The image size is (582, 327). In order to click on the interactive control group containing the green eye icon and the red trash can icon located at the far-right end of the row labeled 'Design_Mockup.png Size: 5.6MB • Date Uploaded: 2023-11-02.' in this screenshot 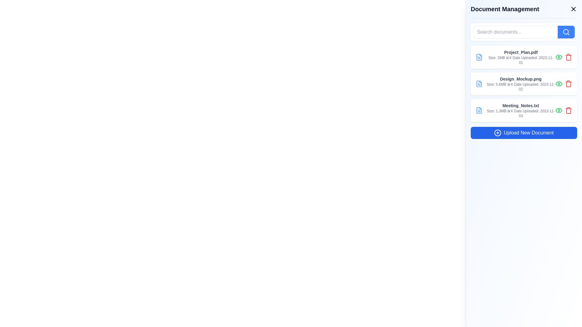, I will do `click(564, 84)`.